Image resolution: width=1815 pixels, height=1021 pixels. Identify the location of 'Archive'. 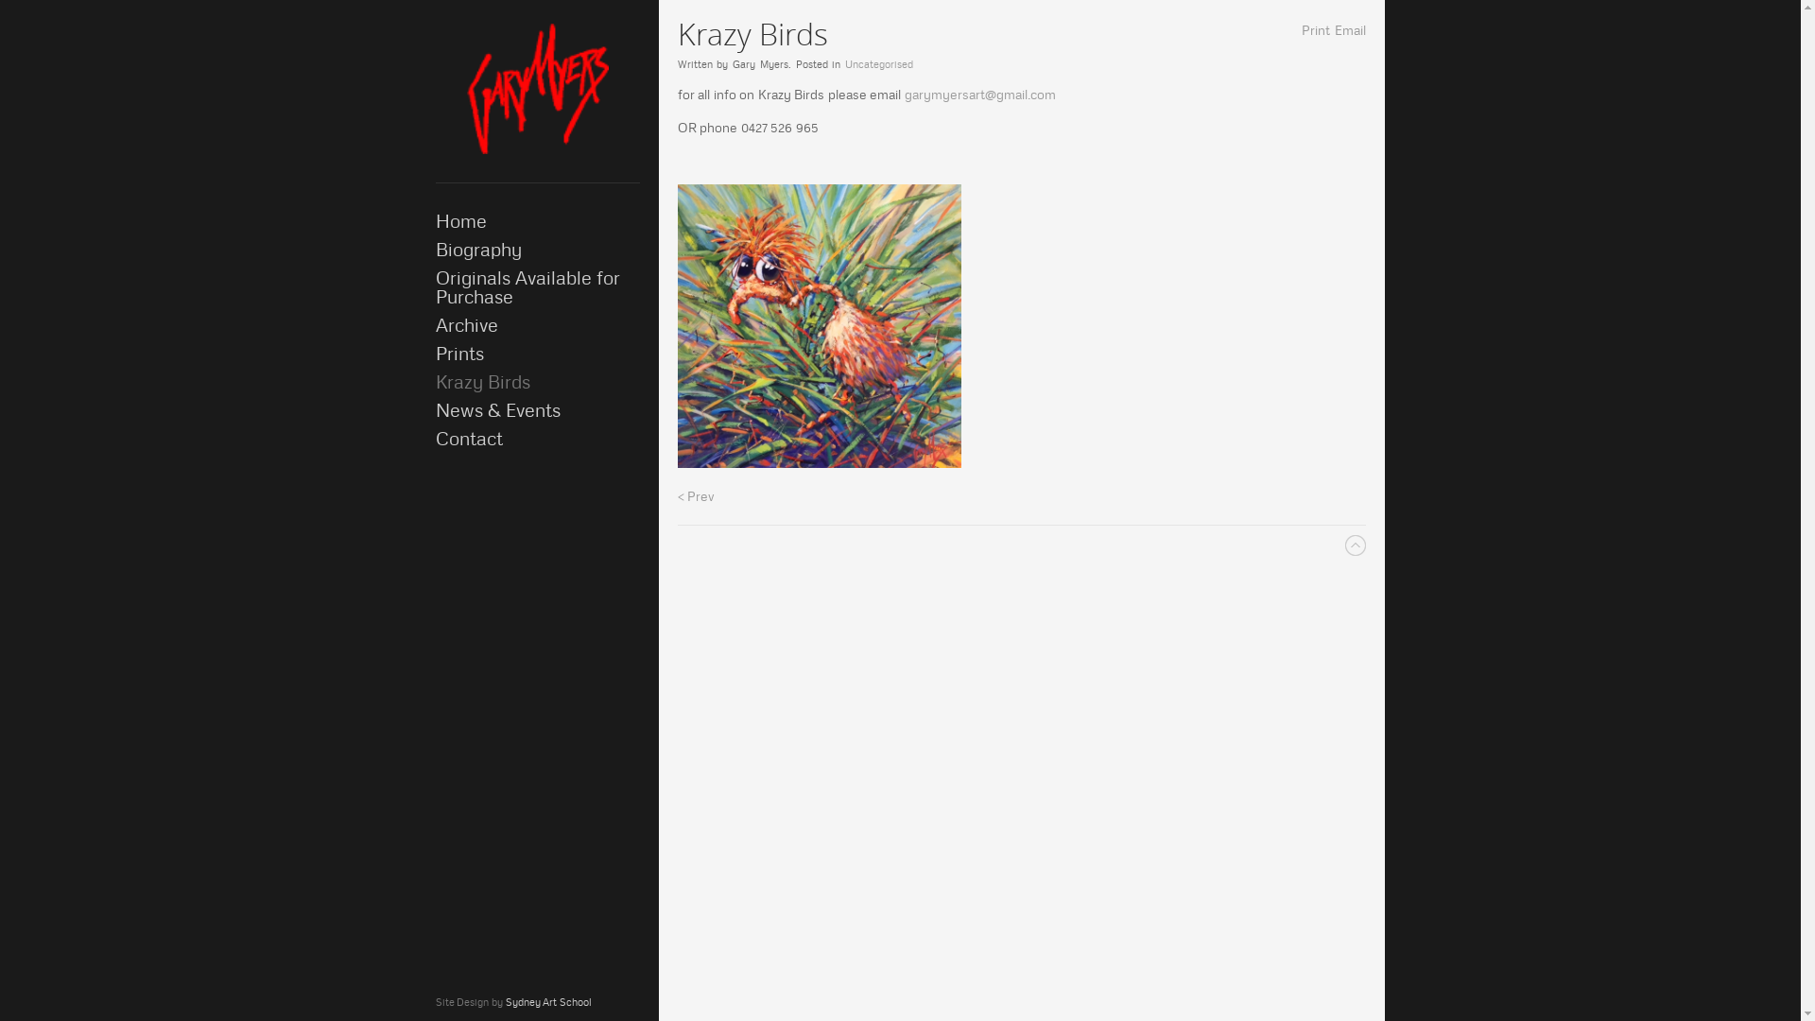
(535, 323).